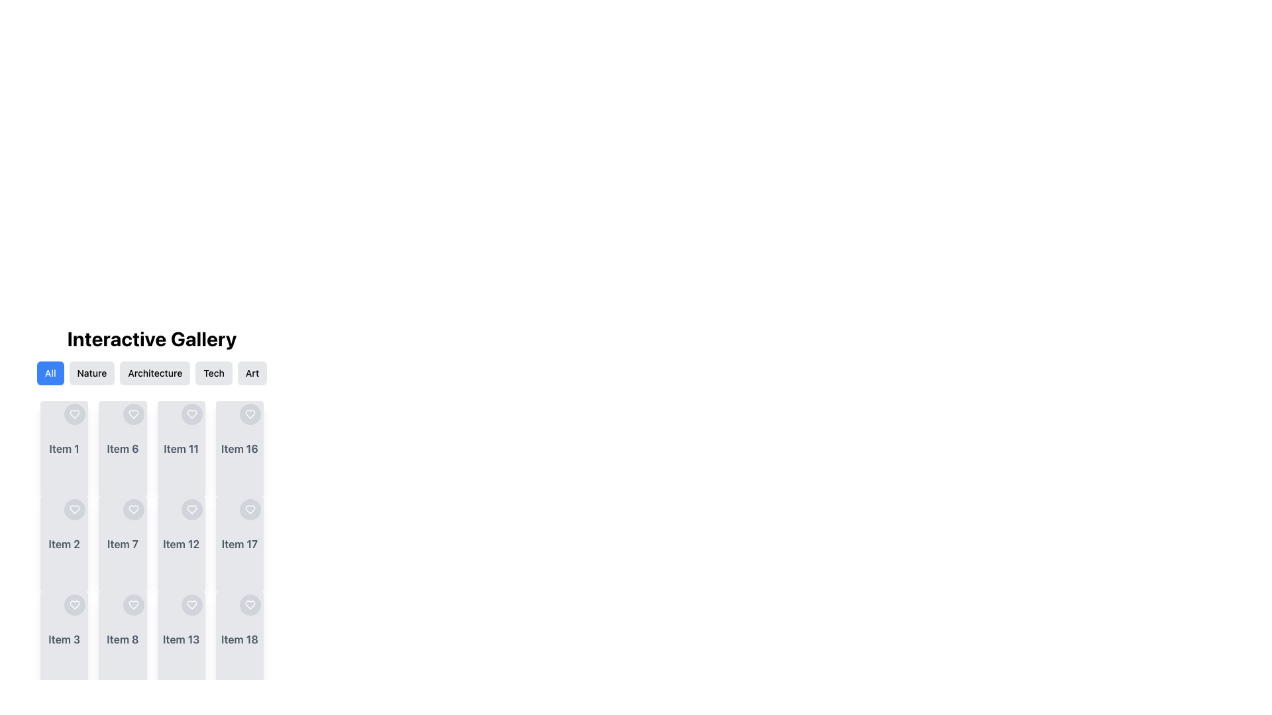  I want to click on the heart-shaped icon located, so click(133, 413).